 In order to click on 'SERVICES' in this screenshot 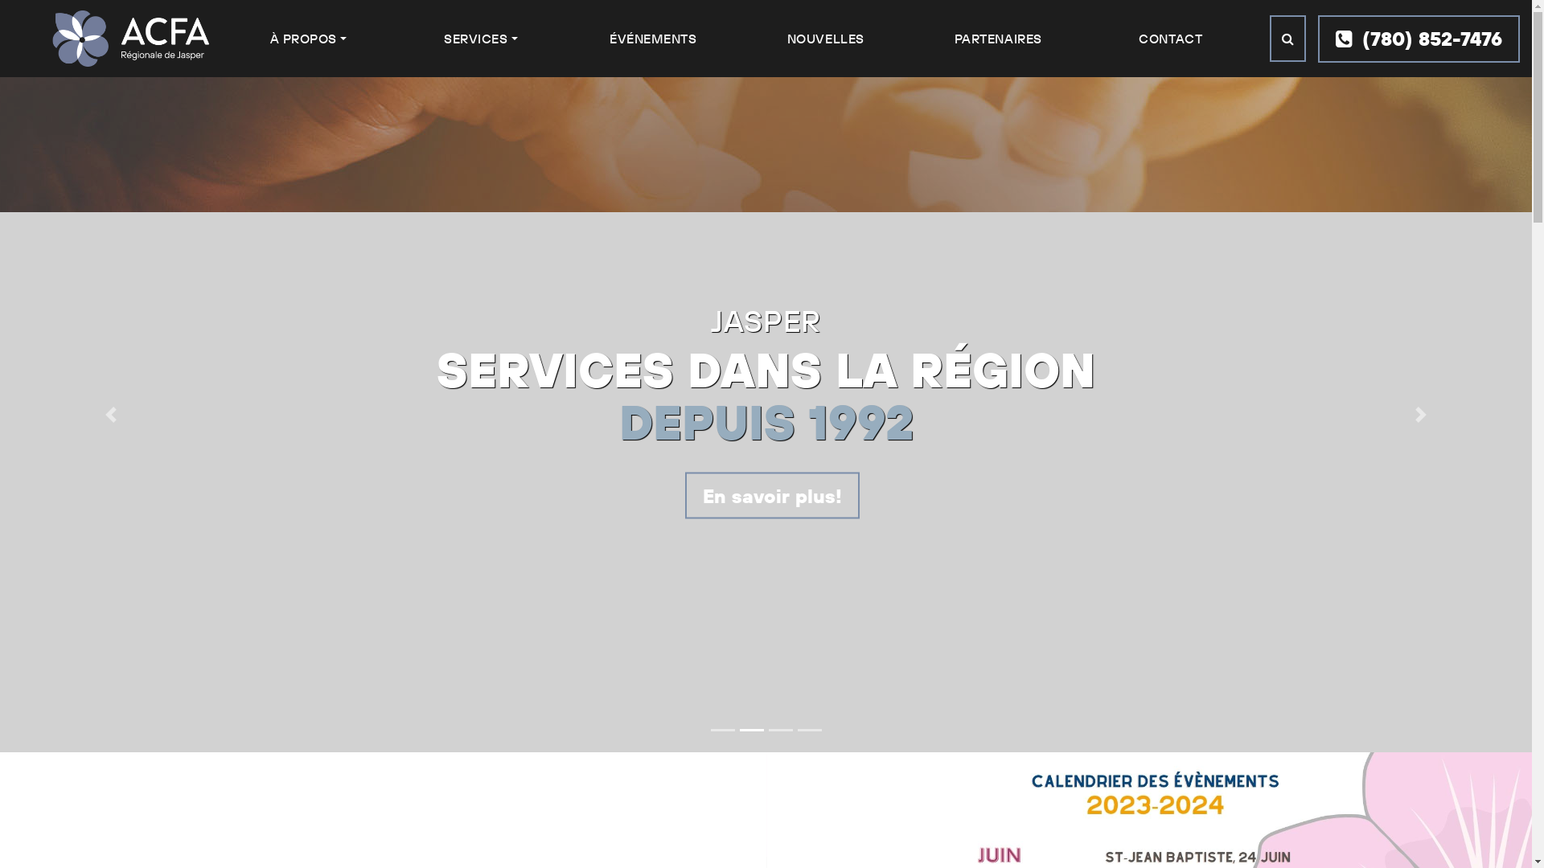, I will do `click(480, 37)`.